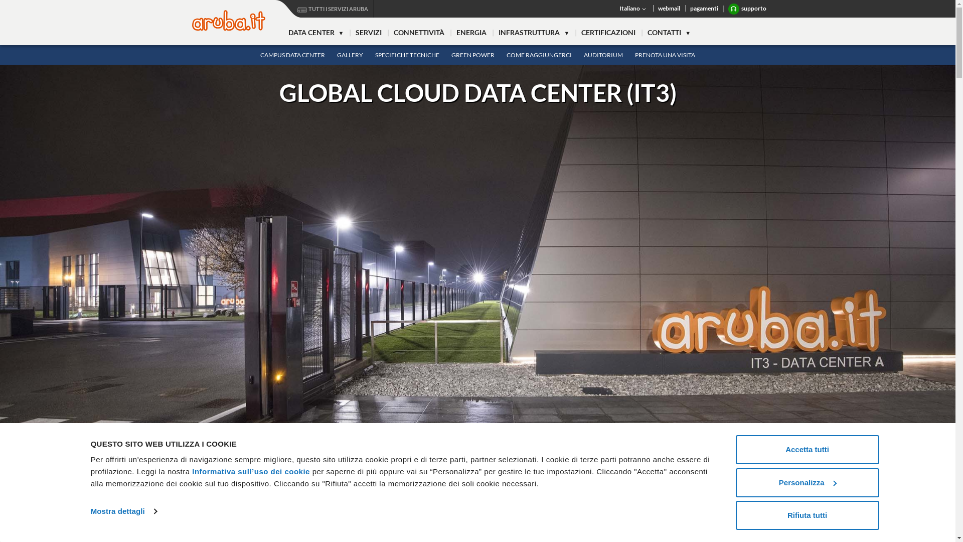  Describe the element at coordinates (368, 55) in the screenshot. I see `'SPECIFICHE TECNICHE'` at that location.